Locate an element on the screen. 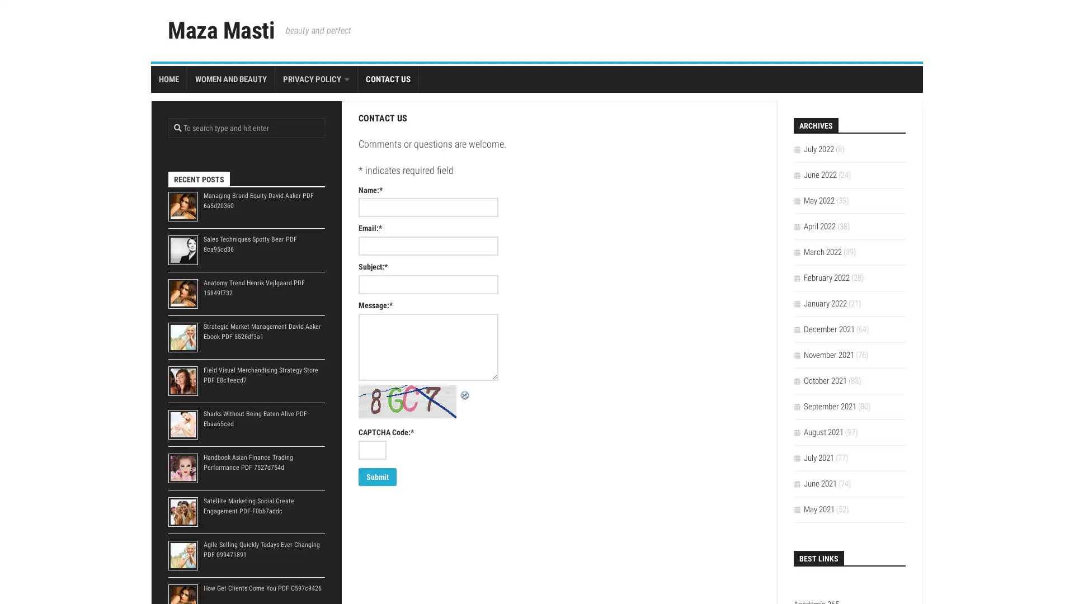 Image resolution: width=1074 pixels, height=604 pixels. Submit is located at coordinates (378, 476).